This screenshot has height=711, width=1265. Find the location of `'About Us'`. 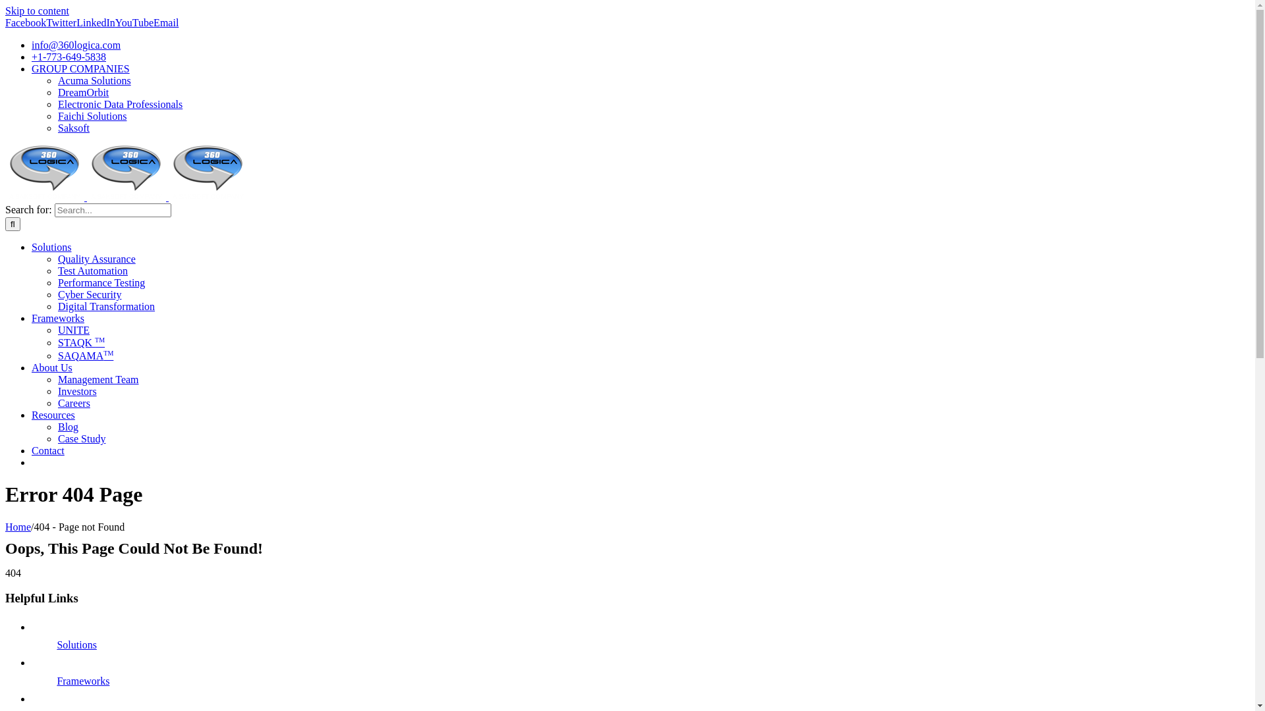

'About Us' is located at coordinates (51, 367).